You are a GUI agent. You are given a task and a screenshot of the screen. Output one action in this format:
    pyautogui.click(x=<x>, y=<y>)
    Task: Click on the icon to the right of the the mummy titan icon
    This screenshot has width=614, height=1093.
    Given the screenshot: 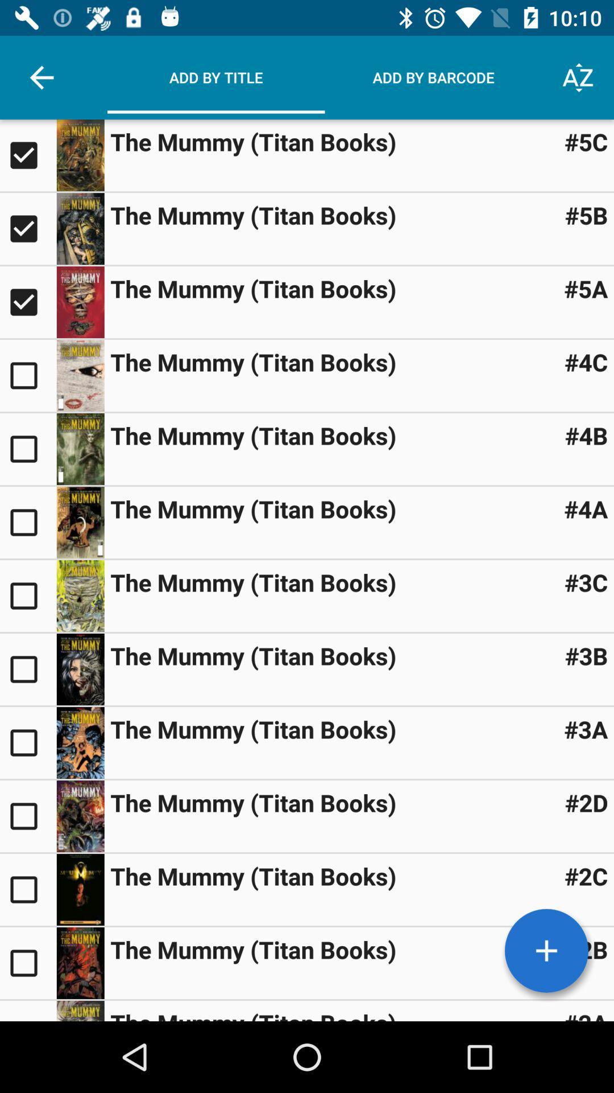 What is the action you would take?
    pyautogui.click(x=586, y=289)
    